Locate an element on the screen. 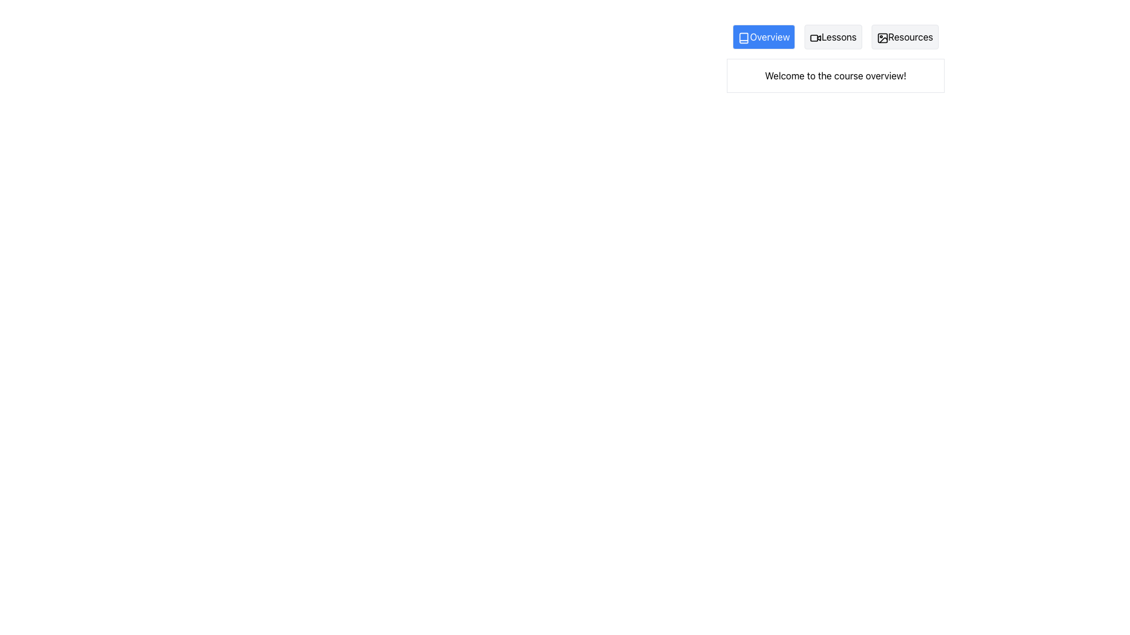  the small rounded rectangle within the media or attachment icon located in the top-right section of the interface is located at coordinates (882, 37).